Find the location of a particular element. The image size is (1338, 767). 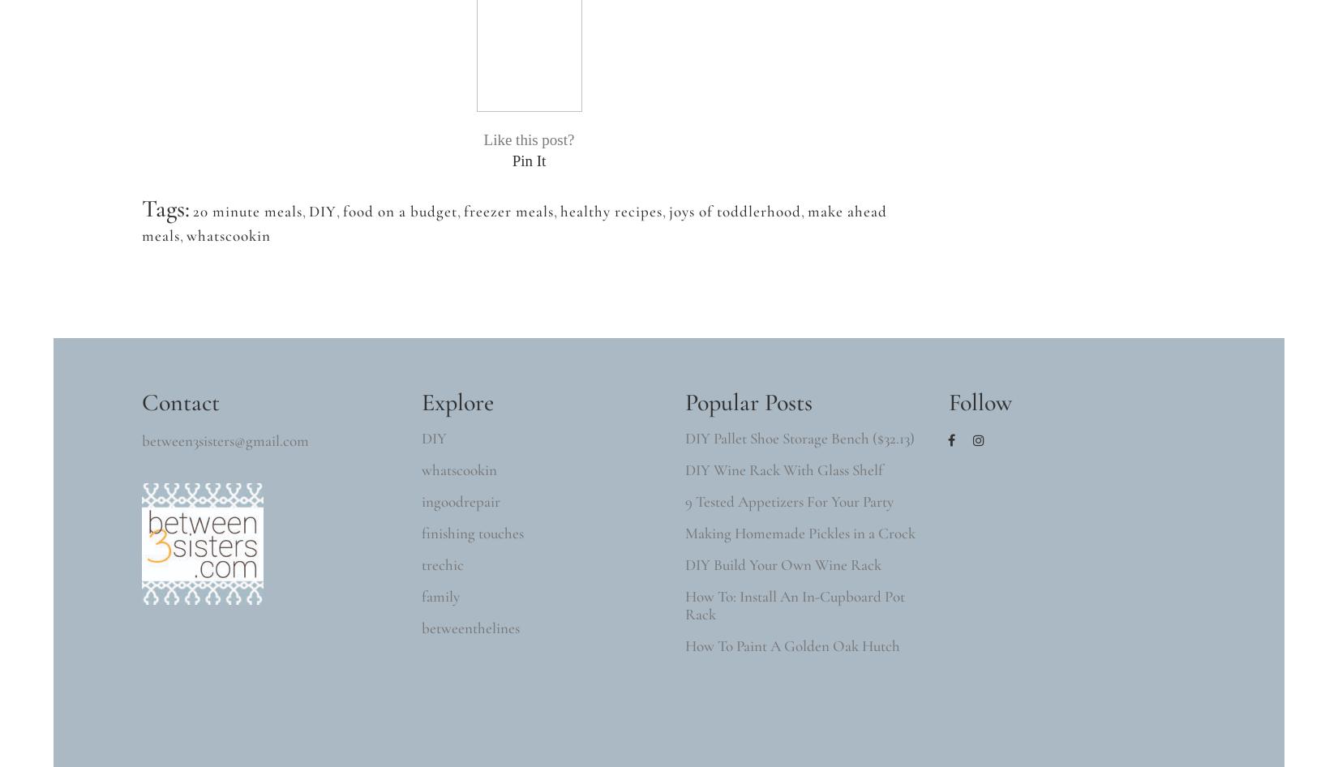

'healthy recipes' is located at coordinates (560, 210).